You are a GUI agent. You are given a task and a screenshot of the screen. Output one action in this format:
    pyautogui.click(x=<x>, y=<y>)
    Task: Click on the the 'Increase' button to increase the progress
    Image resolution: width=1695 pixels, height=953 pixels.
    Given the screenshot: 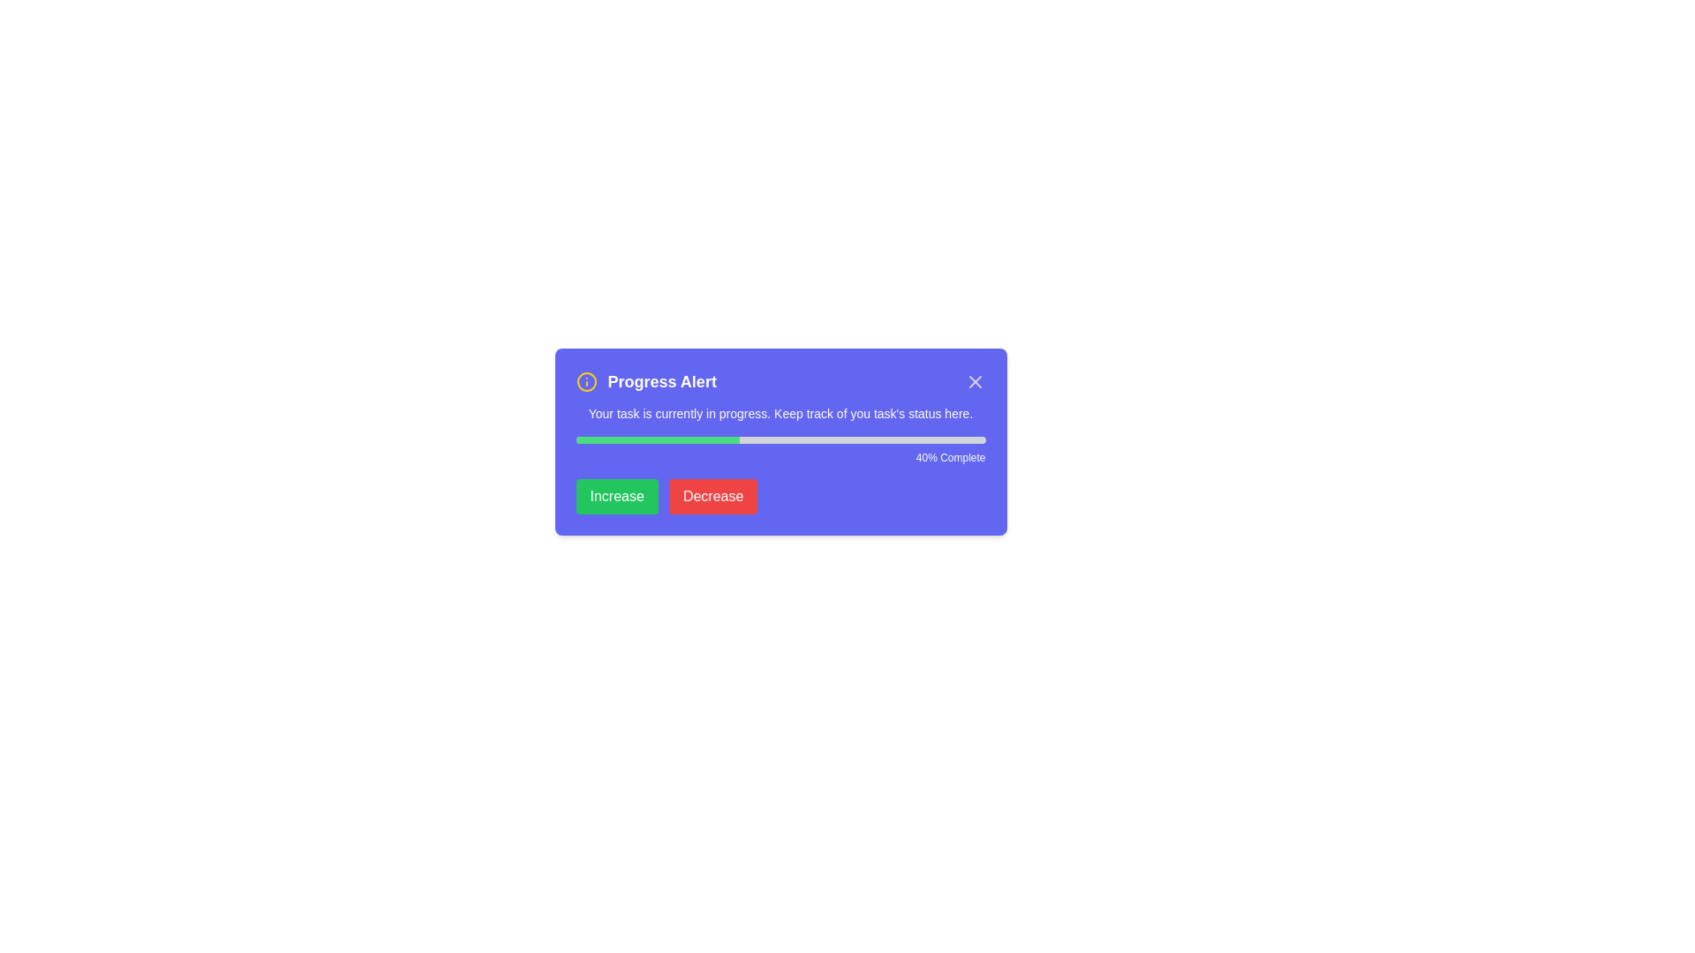 What is the action you would take?
    pyautogui.click(x=617, y=497)
    